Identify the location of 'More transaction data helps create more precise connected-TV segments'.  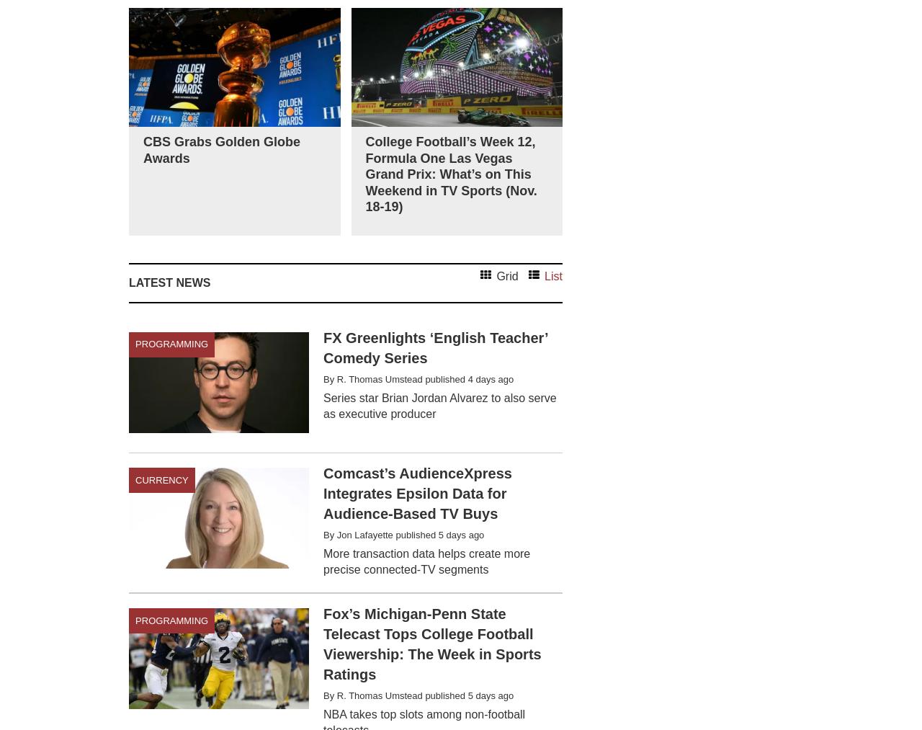
(426, 561).